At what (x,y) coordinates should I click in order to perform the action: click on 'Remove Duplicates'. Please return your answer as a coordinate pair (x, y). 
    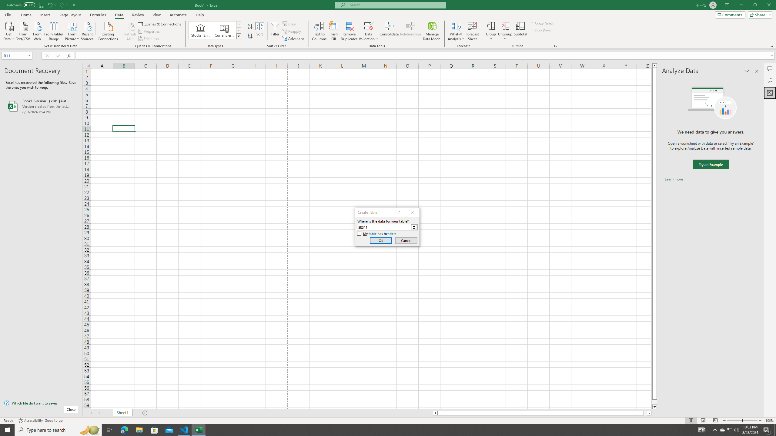
    Looking at the image, I should click on (349, 31).